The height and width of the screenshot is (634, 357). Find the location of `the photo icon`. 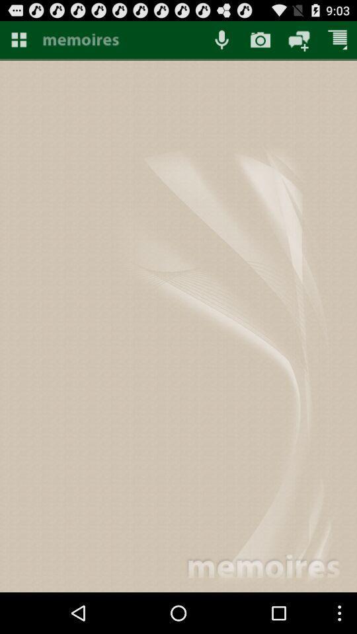

the photo icon is located at coordinates (260, 42).